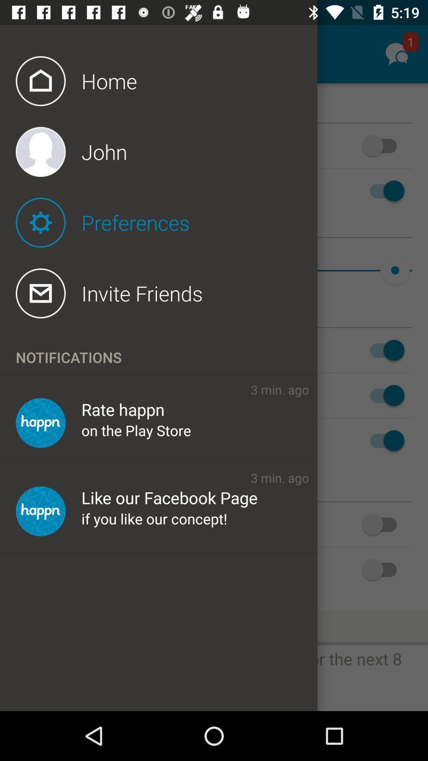  I want to click on onoff button, so click(383, 146).